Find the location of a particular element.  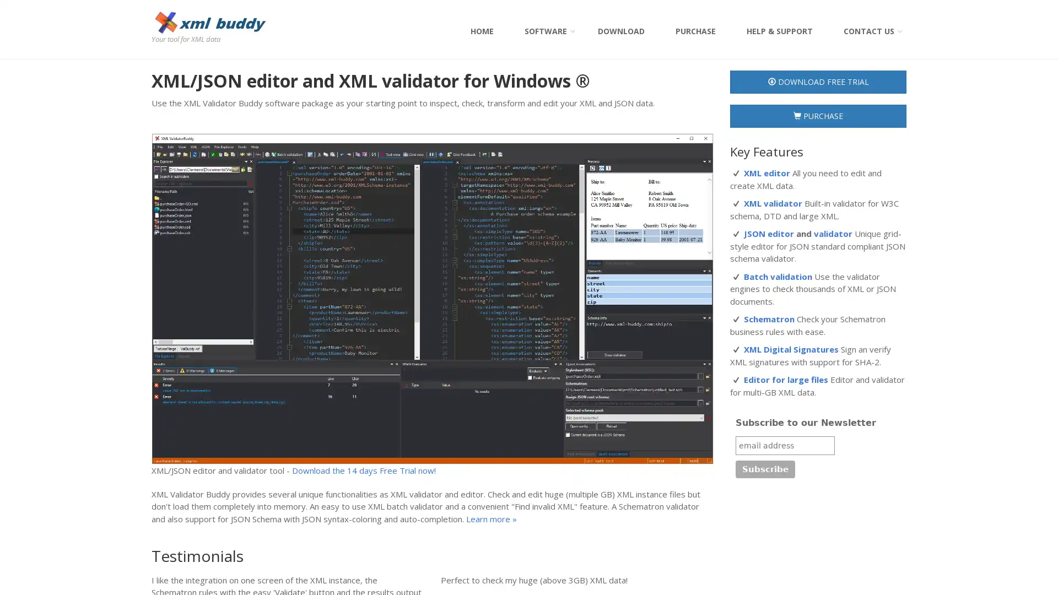

DOWNLOAD FREE TRIAL is located at coordinates (818, 82).